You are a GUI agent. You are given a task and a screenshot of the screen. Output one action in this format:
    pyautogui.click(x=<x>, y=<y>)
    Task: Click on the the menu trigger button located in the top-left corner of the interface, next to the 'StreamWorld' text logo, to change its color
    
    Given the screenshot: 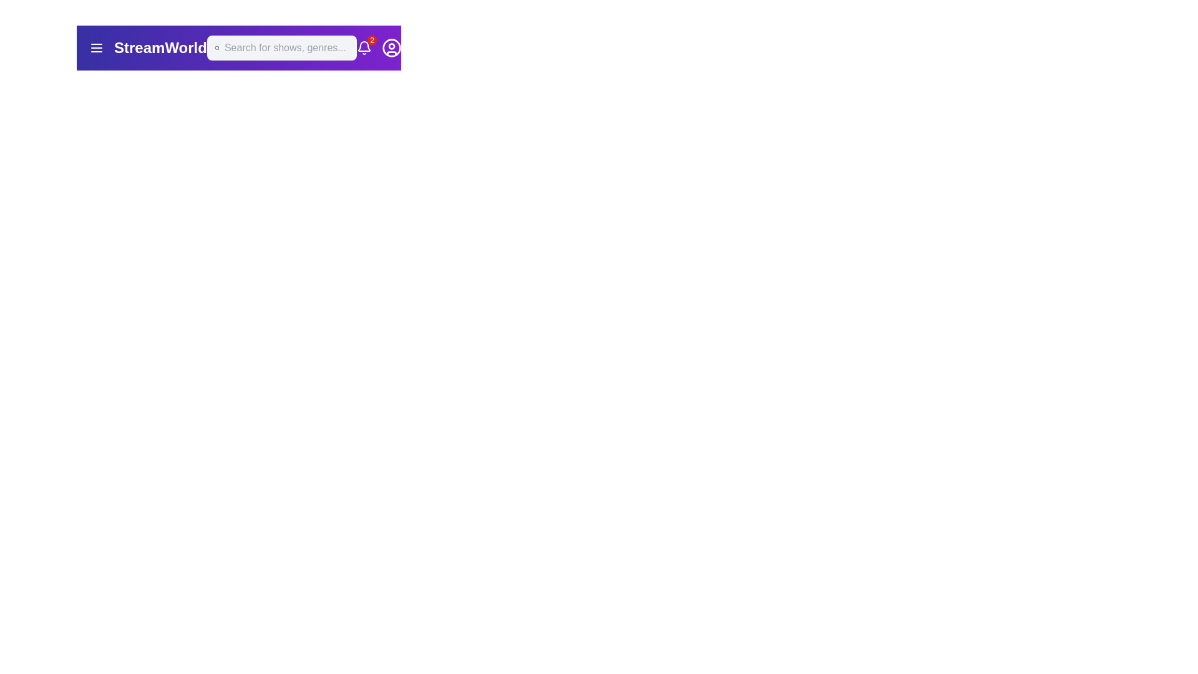 What is the action you would take?
    pyautogui.click(x=95, y=47)
    